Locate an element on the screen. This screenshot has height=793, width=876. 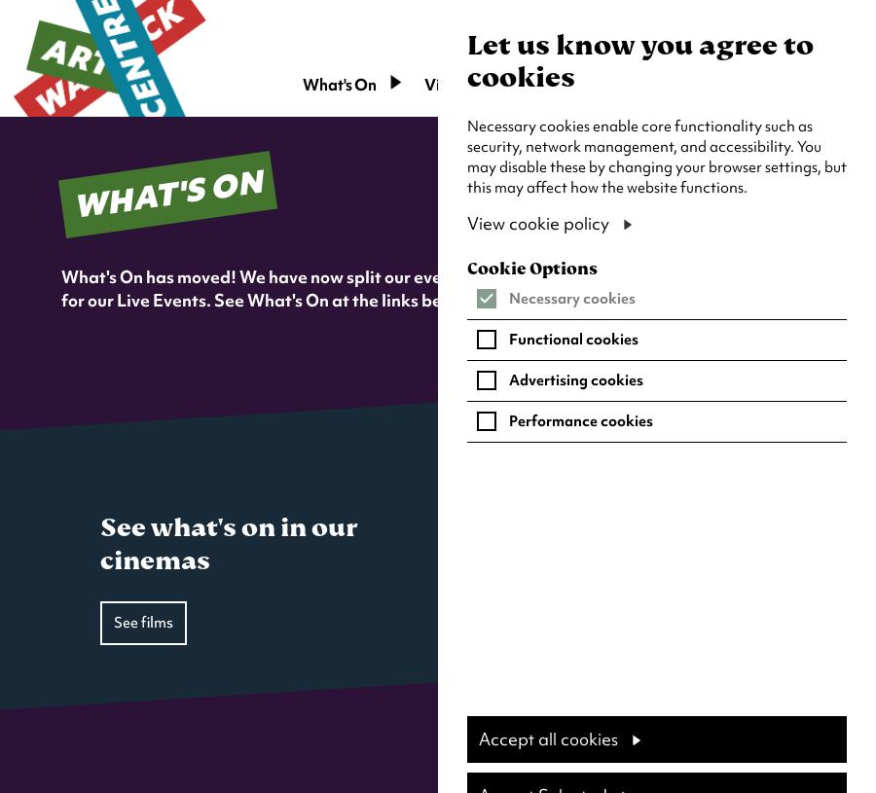
'See what's on in our cinemas' is located at coordinates (227, 542).